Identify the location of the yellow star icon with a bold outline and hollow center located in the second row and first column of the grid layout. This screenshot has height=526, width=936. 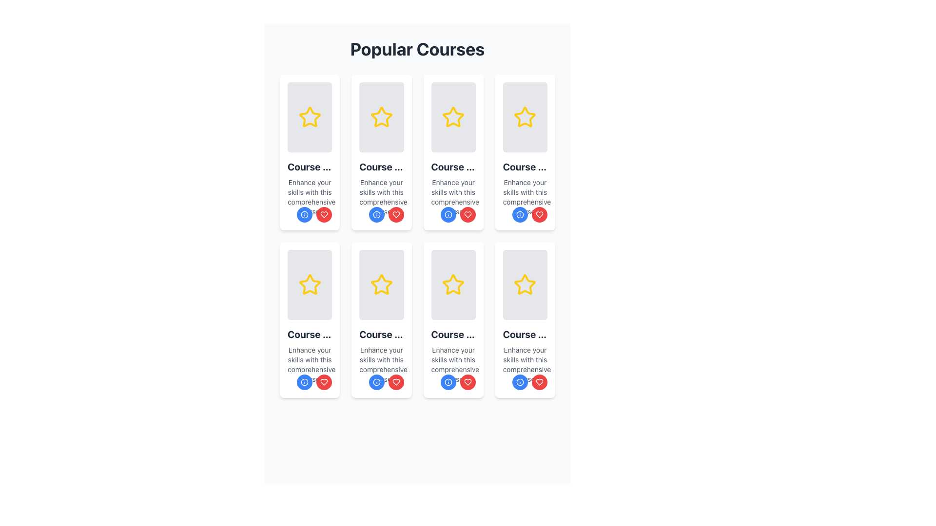
(309, 285).